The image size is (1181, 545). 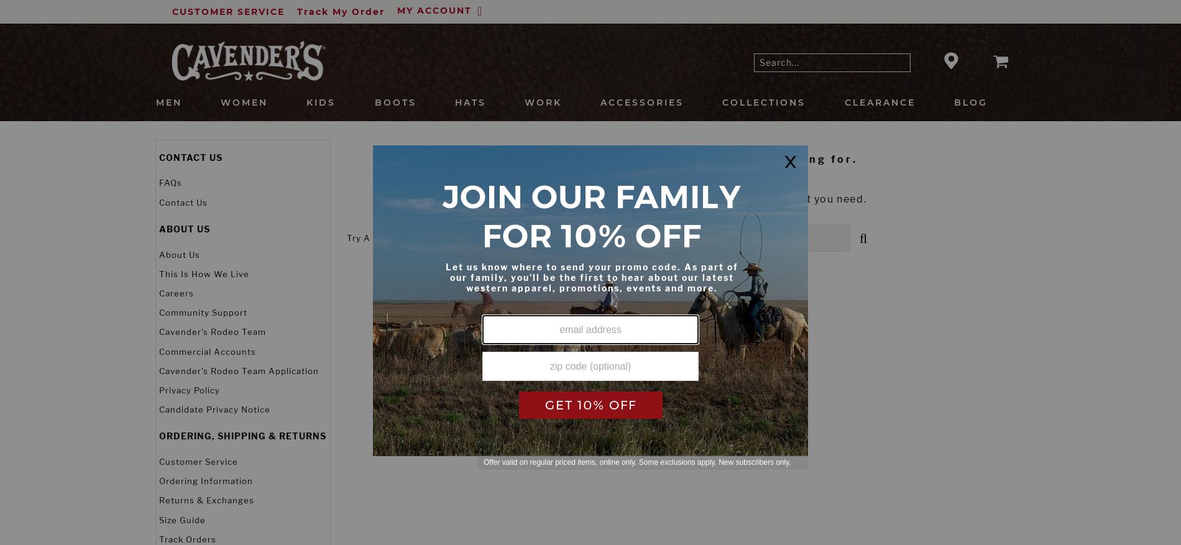 I want to click on 'Clearance', so click(x=878, y=102).